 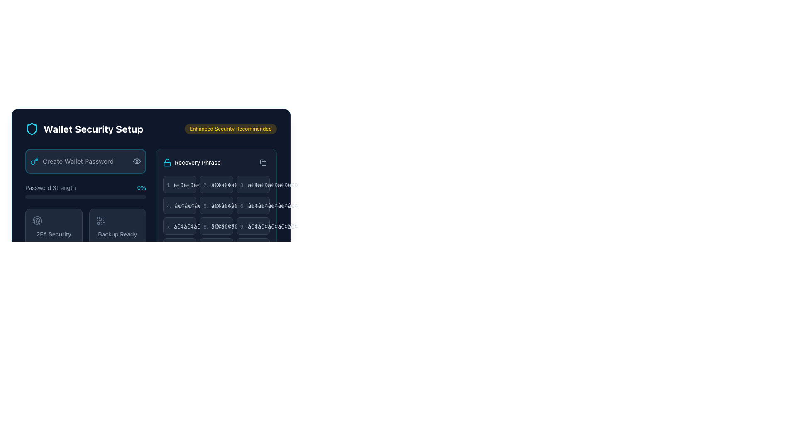 I want to click on the second element in the grid layout of twelve, which represents a step or item within an ordered list, positioned between the first and third elements, so click(x=216, y=184).